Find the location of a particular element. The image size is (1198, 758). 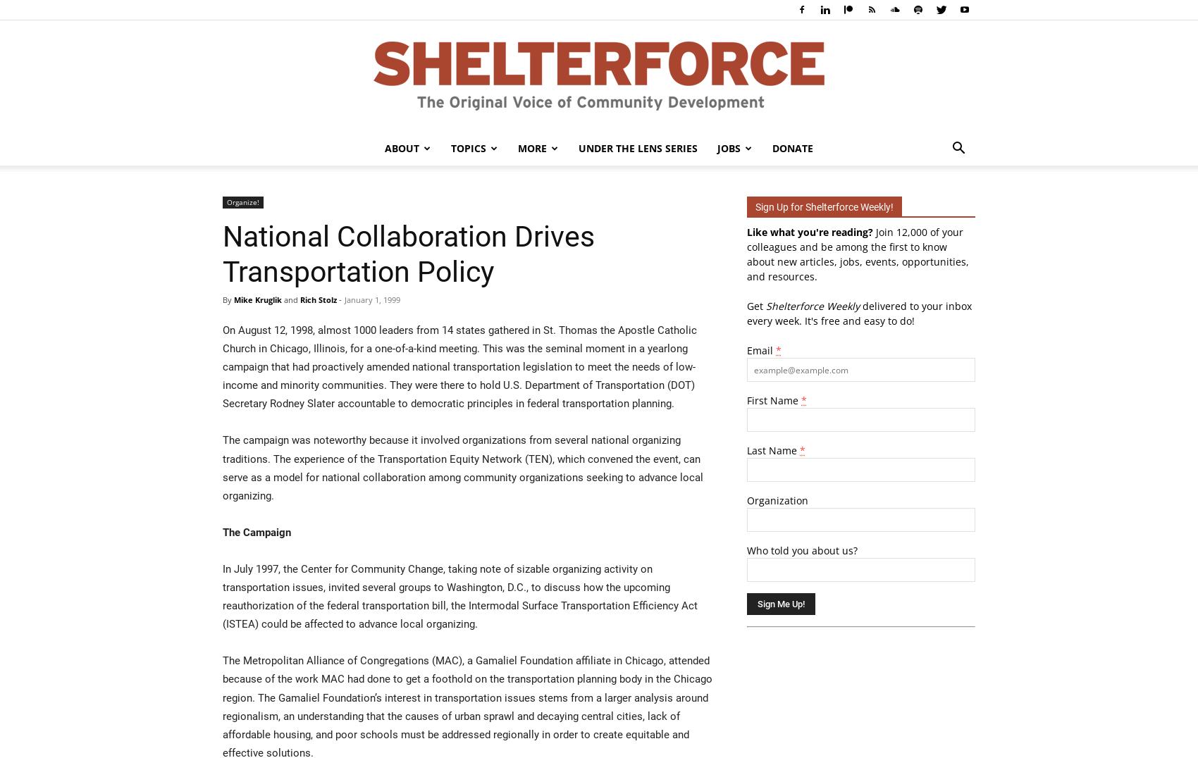

'The Campaign' is located at coordinates (256, 531).